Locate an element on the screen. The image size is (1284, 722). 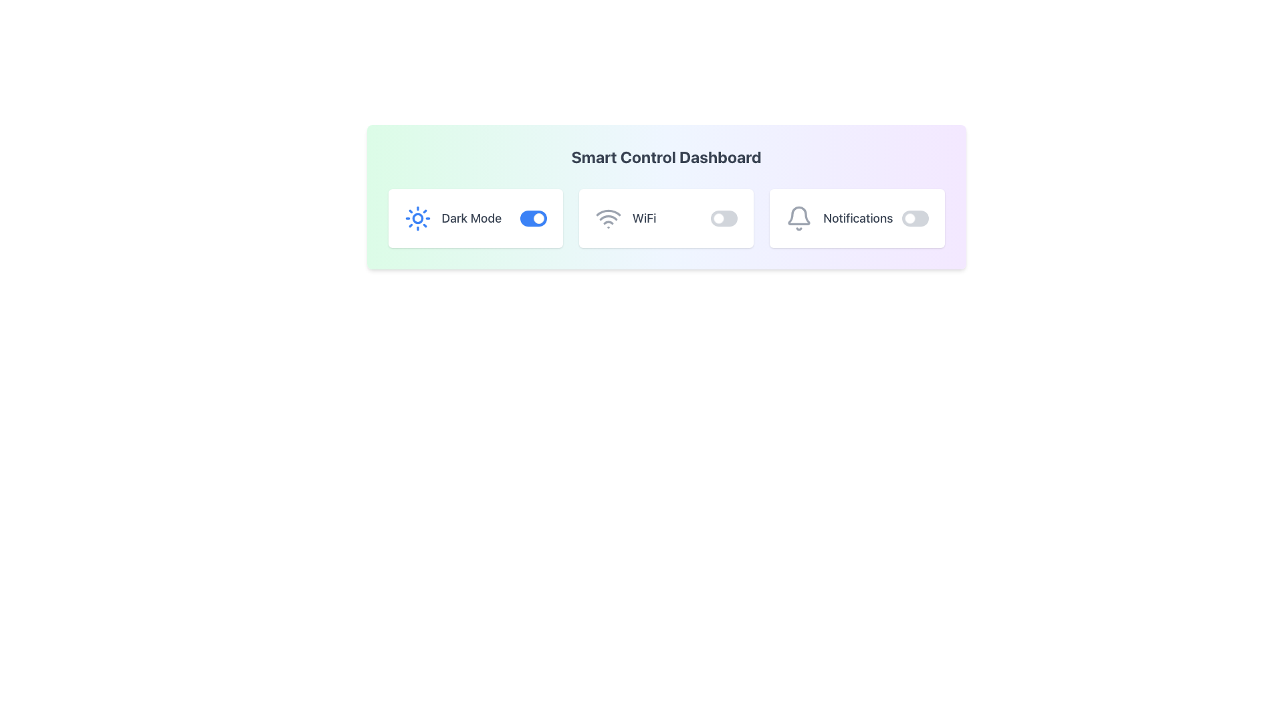
the Toggle knob for the 'Dark Mode' feature to change its state is located at coordinates (538, 218).